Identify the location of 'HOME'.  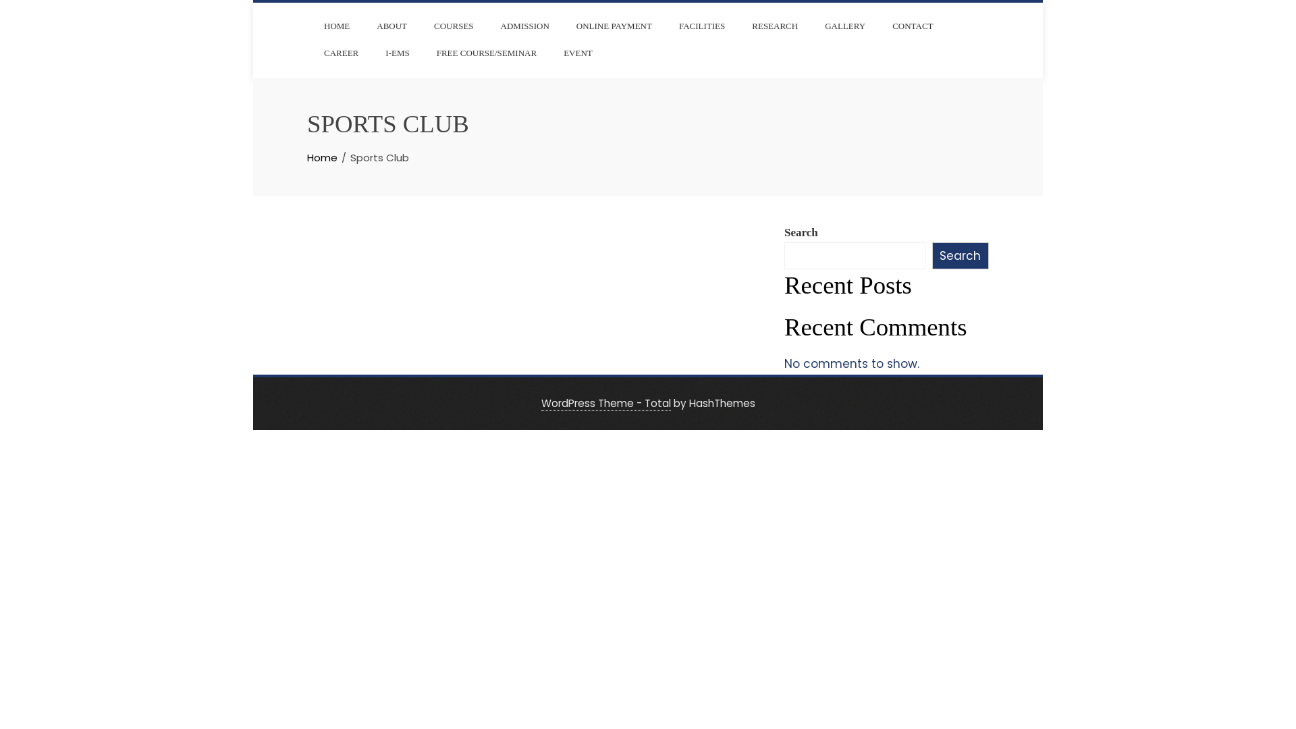
(313, 26).